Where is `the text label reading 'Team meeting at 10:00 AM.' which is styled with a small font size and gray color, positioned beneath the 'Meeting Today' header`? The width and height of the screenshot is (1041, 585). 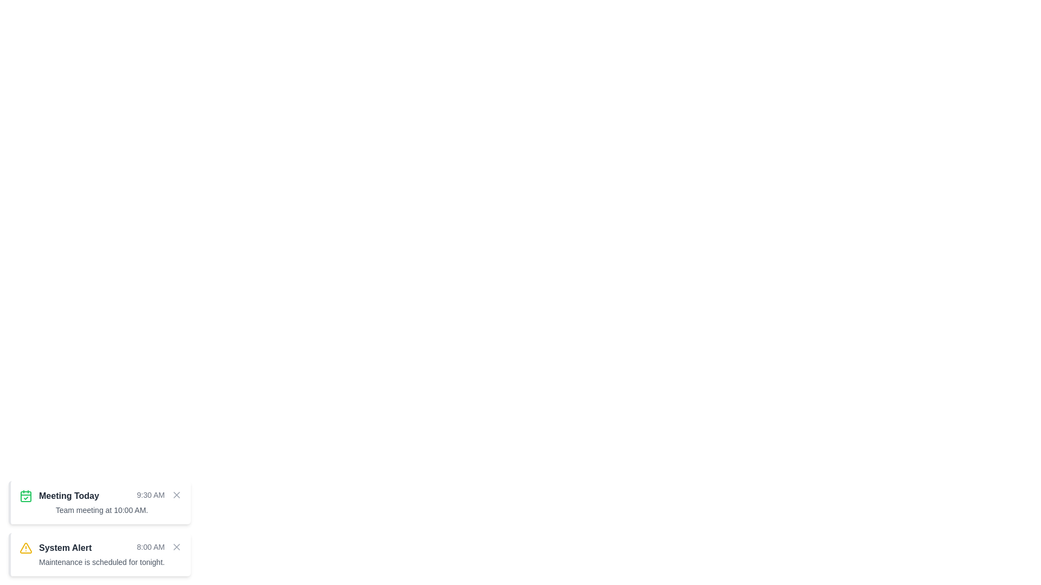 the text label reading 'Team meeting at 10:00 AM.' which is styled with a small font size and gray color, positioned beneath the 'Meeting Today' header is located at coordinates (101, 510).